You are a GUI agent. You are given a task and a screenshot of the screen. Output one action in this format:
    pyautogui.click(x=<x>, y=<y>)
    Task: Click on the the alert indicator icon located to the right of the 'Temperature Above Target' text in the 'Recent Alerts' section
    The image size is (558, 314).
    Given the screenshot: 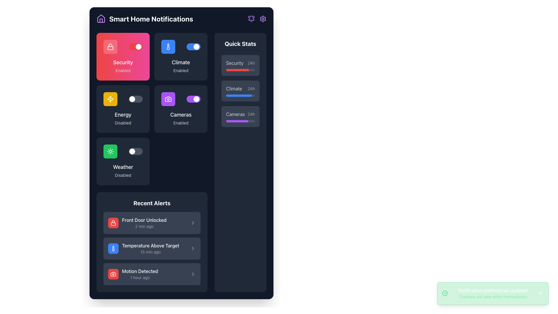 What is the action you would take?
    pyautogui.click(x=193, y=249)
    